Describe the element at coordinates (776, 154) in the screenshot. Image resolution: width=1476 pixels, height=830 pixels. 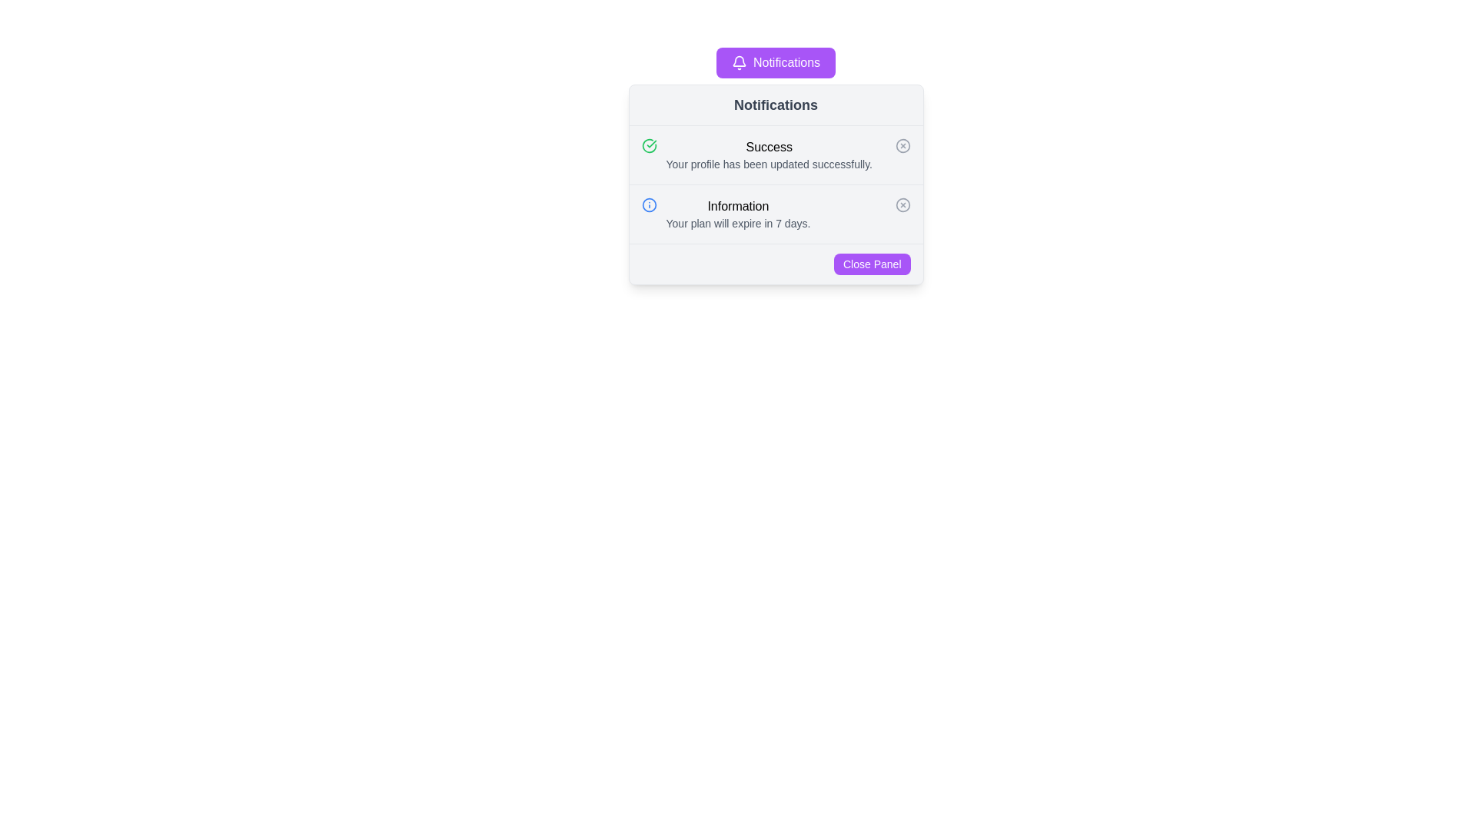
I see `message content of the Notification item indicating a successful profile update, located under the 'Notifications' header in the first row above the 'Information' message` at that location.